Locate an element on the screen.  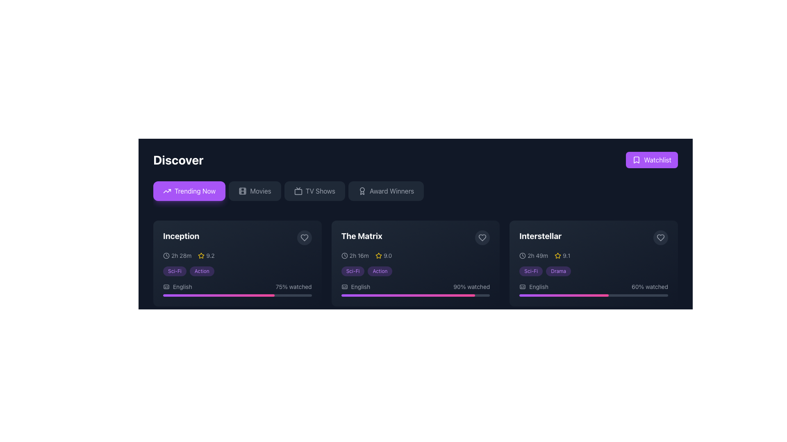
the small circular button with a heart-shaped icon in its center on the far right of the 'Inception' card is located at coordinates (304, 238).